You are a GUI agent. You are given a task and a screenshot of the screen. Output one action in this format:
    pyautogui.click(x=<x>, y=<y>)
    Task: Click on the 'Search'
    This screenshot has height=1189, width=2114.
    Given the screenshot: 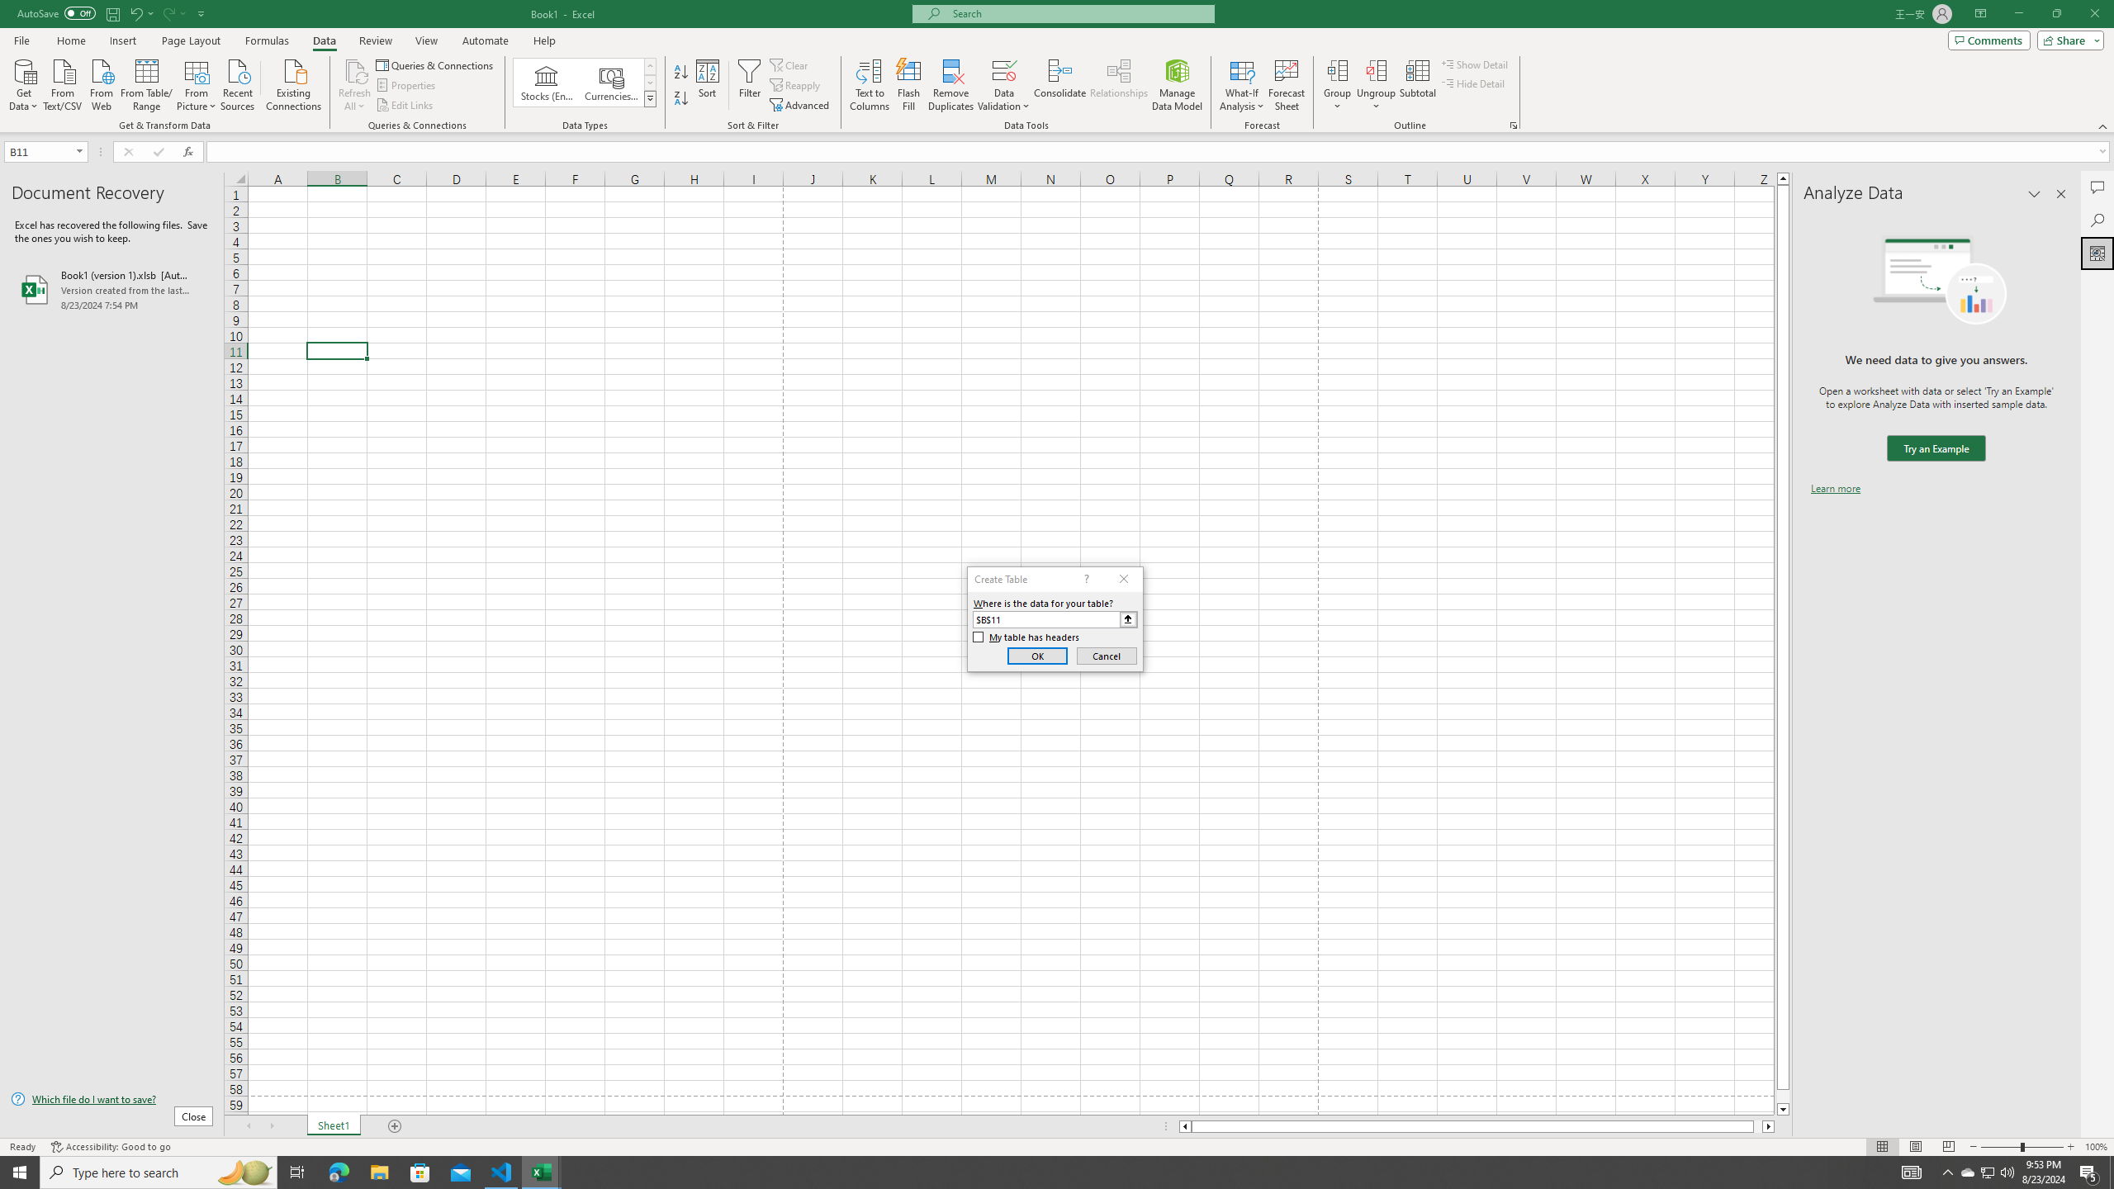 What is the action you would take?
    pyautogui.click(x=2097, y=220)
    